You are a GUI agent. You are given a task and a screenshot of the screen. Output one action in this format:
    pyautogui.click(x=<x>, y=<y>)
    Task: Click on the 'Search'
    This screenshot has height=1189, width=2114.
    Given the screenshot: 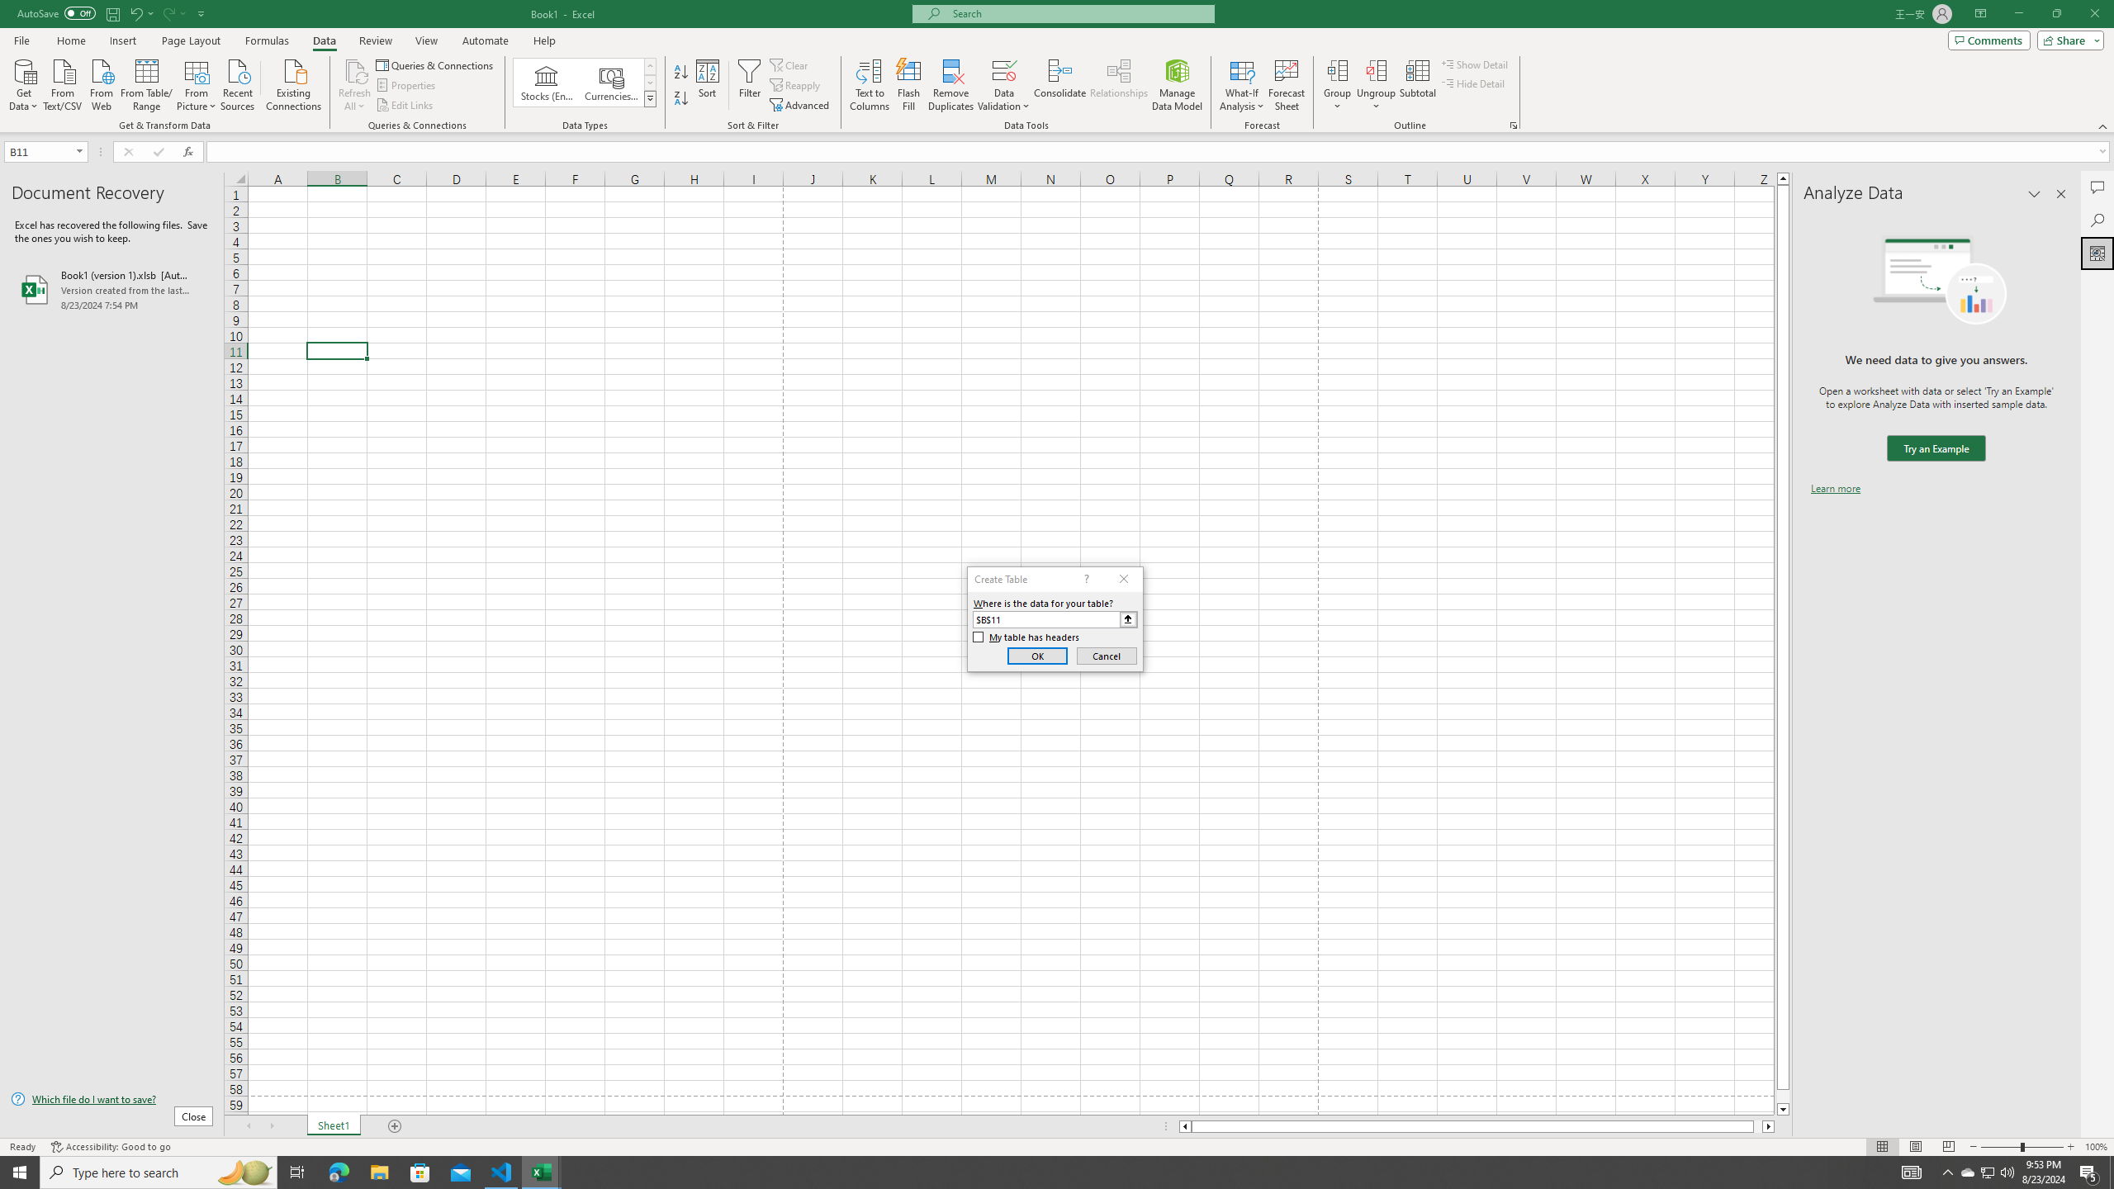 What is the action you would take?
    pyautogui.click(x=2097, y=220)
    